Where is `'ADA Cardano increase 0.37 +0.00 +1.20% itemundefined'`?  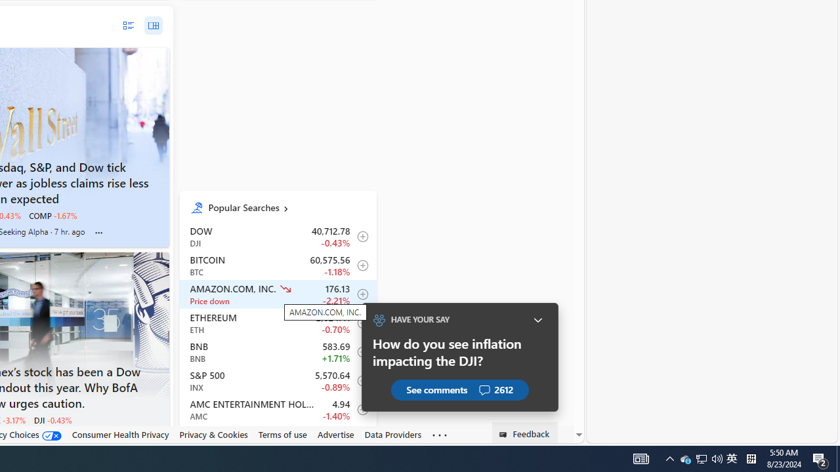
'ADA Cardano increase 0.37 +0.00 +1.20% itemundefined' is located at coordinates (277, 439).